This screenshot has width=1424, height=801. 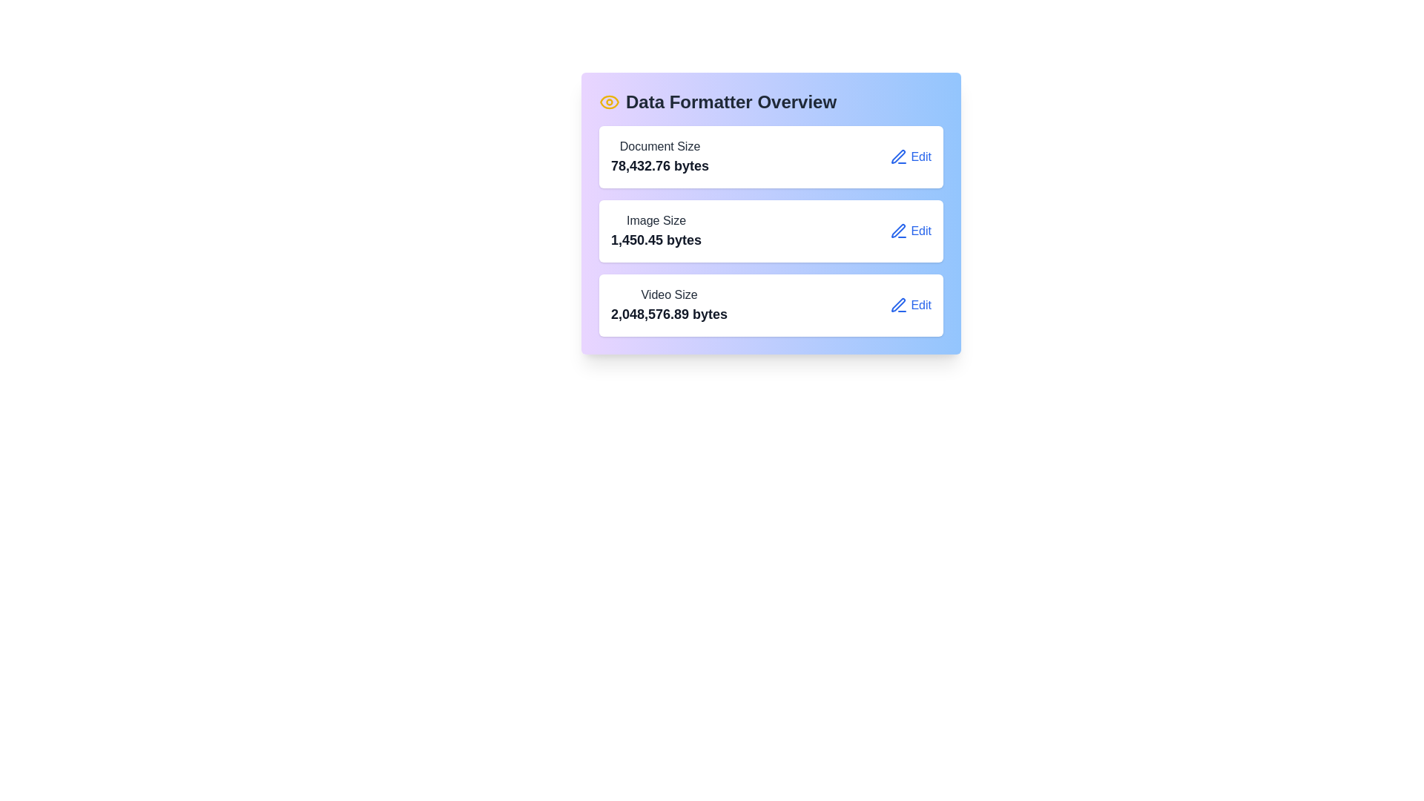 I want to click on the 'Edit' button for 'Video Size' located to the far-right of the section, adjacent to '2,048,576.89 bytes', to alter its appearance, so click(x=910, y=305).